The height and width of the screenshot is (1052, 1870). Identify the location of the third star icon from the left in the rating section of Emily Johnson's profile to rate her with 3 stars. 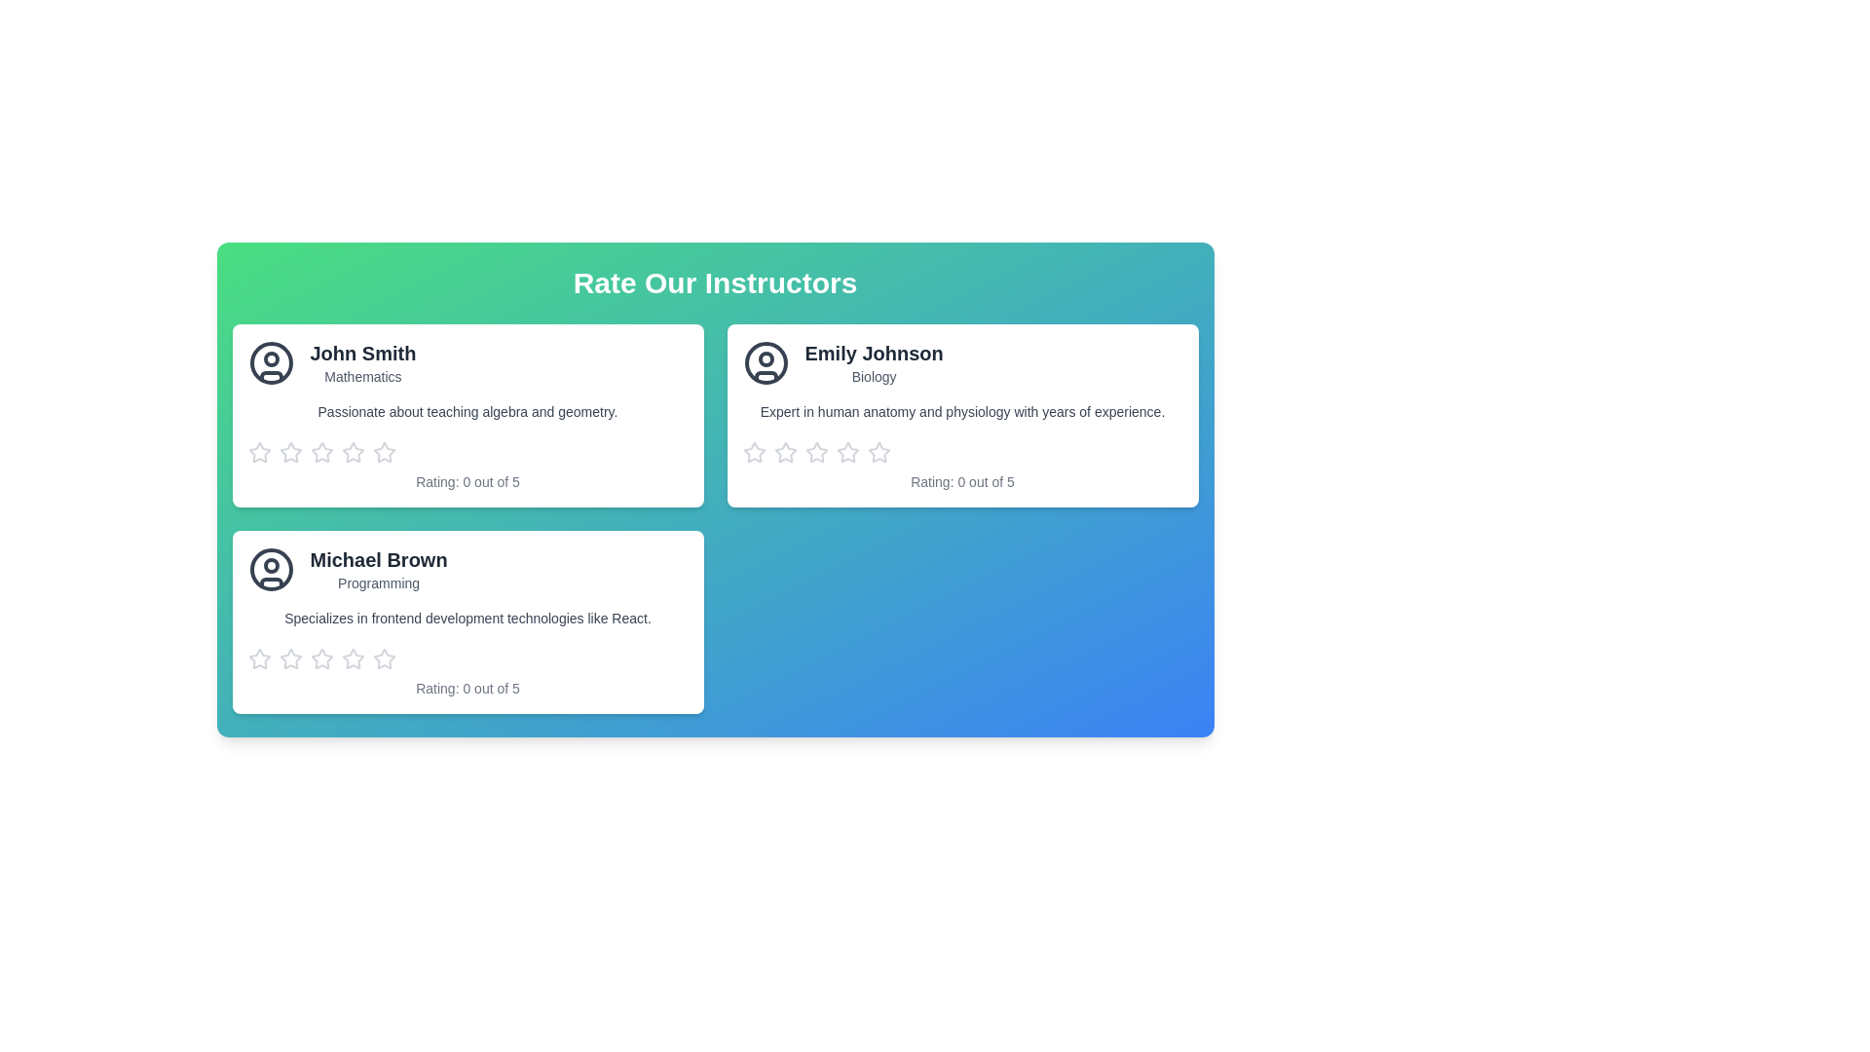
(785, 453).